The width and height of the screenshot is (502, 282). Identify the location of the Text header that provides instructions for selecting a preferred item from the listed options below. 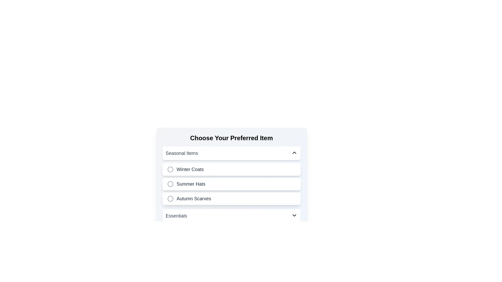
(231, 138).